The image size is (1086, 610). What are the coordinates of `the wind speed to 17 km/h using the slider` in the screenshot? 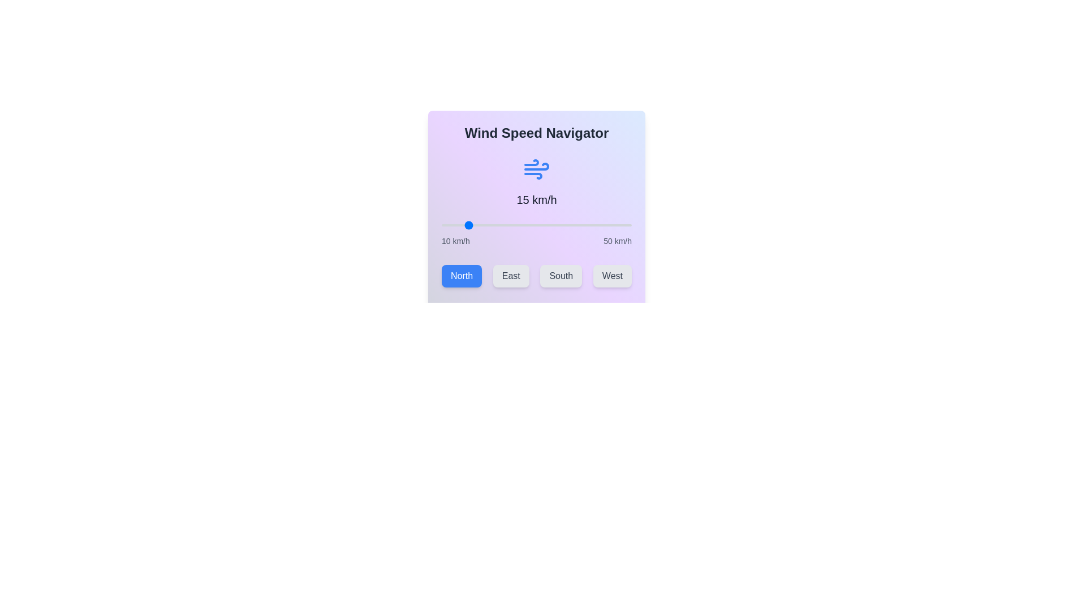 It's located at (475, 225).